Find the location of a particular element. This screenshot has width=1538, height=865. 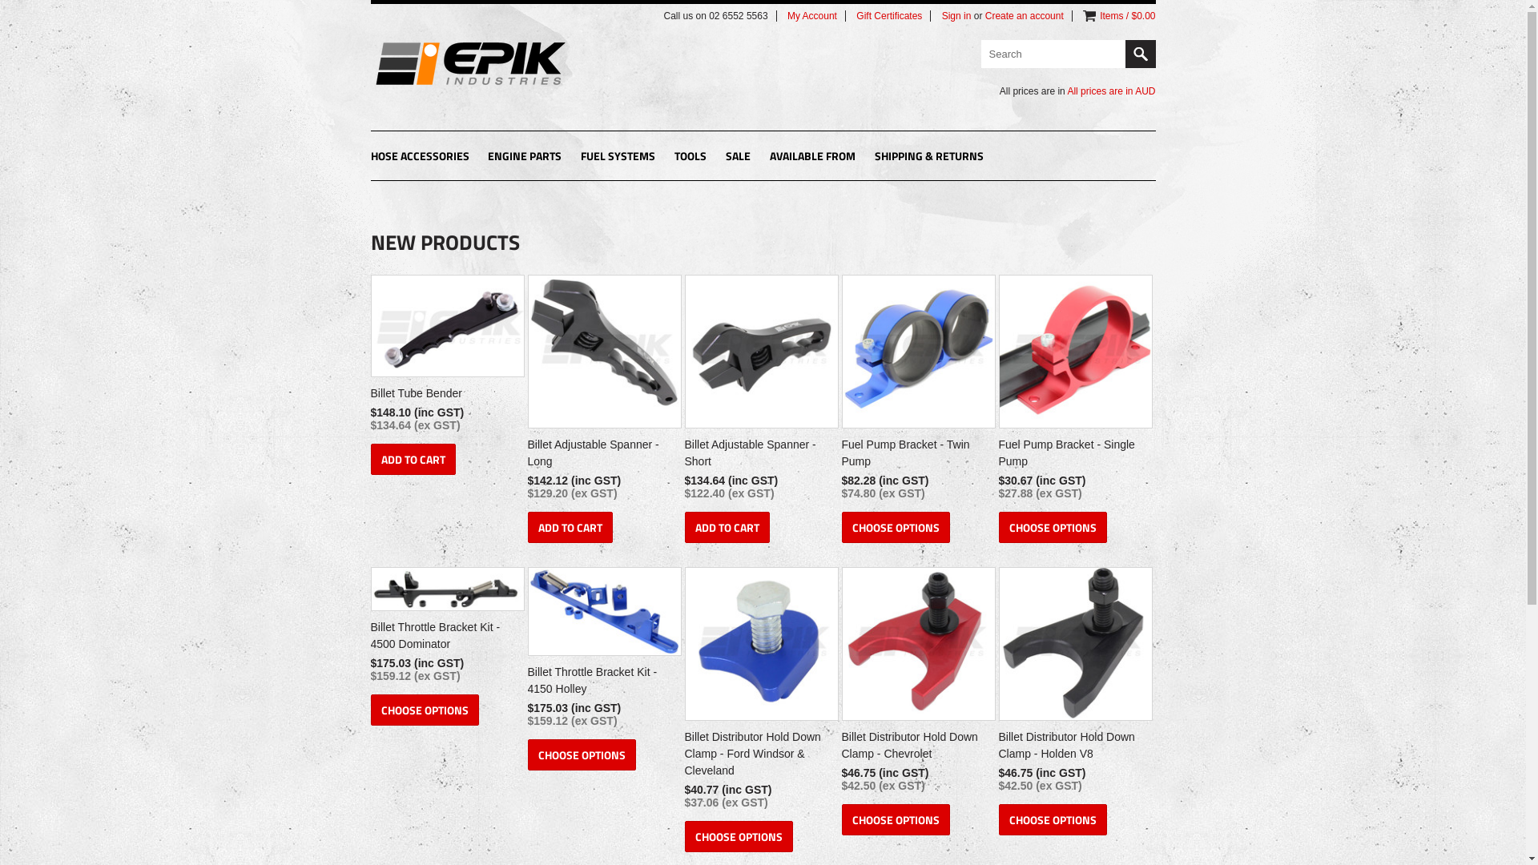

'ADD TO CART' is located at coordinates (412, 459).